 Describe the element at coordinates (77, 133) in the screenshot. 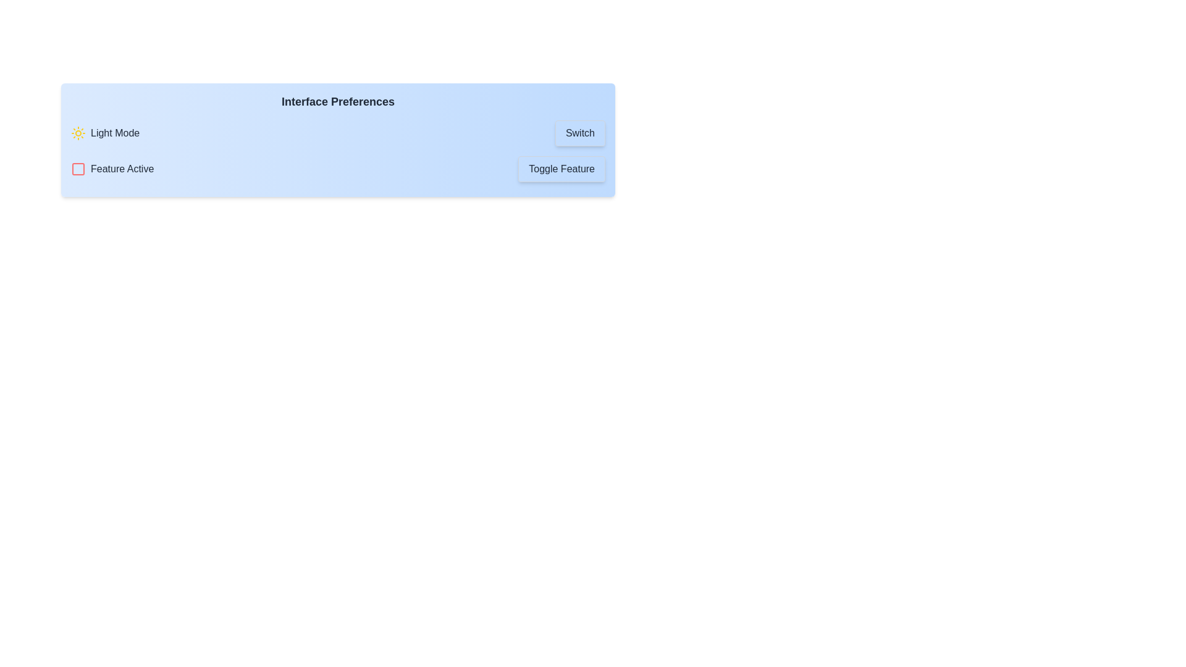

I see `the 'Light Mode' icon located to the left of the 'Light Mode' text in the upper-left section of the user interface settings` at that location.